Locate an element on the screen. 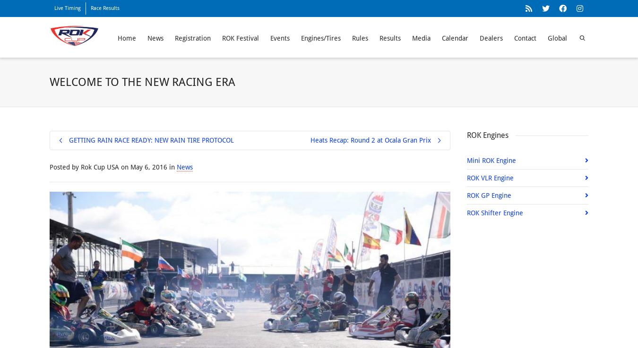 The image size is (638, 348). 'size' is located at coordinates (210, 23).